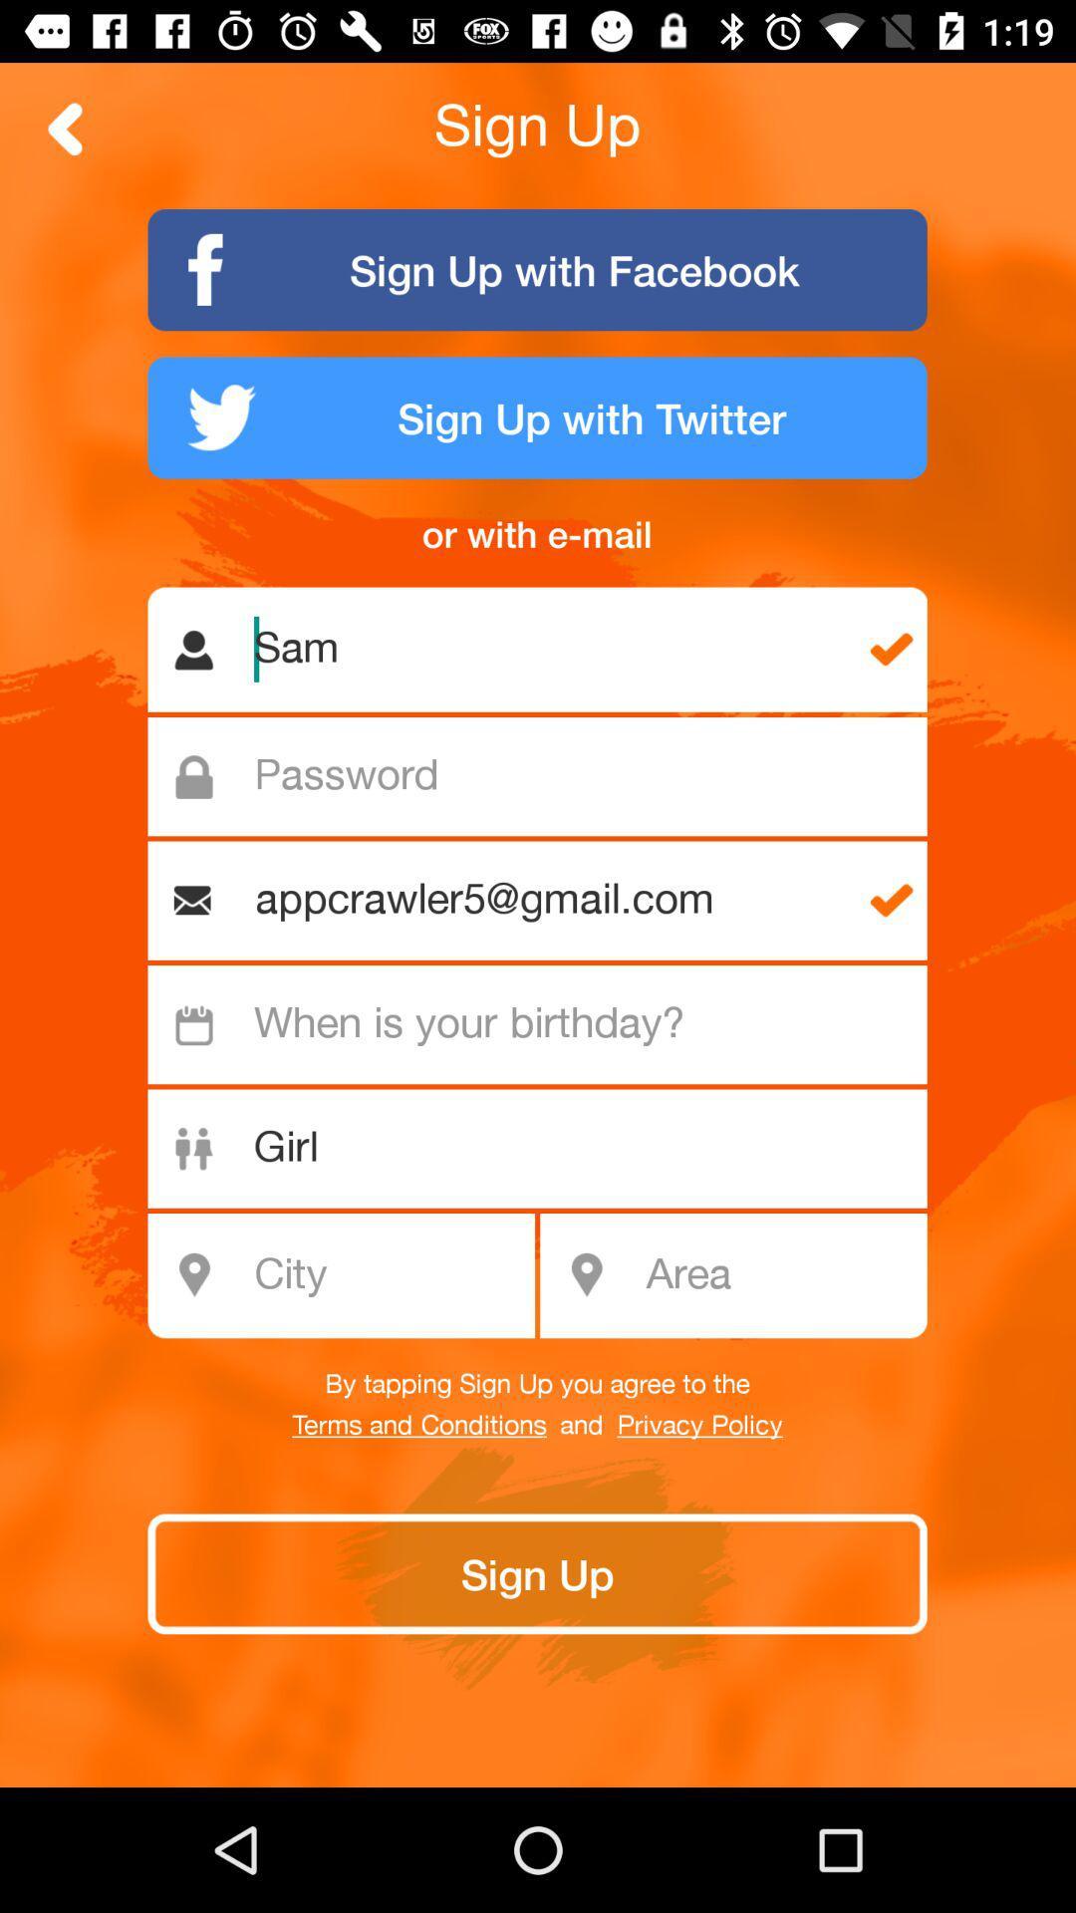  I want to click on the text field which is below when is your birthday, so click(549, 1149).